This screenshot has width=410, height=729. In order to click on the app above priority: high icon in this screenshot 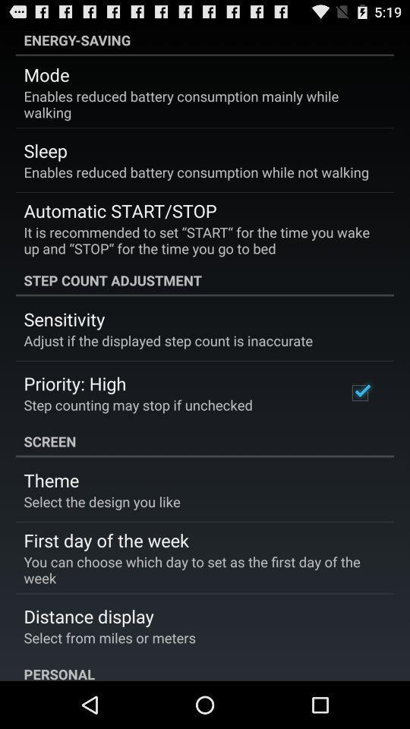, I will do `click(167, 340)`.